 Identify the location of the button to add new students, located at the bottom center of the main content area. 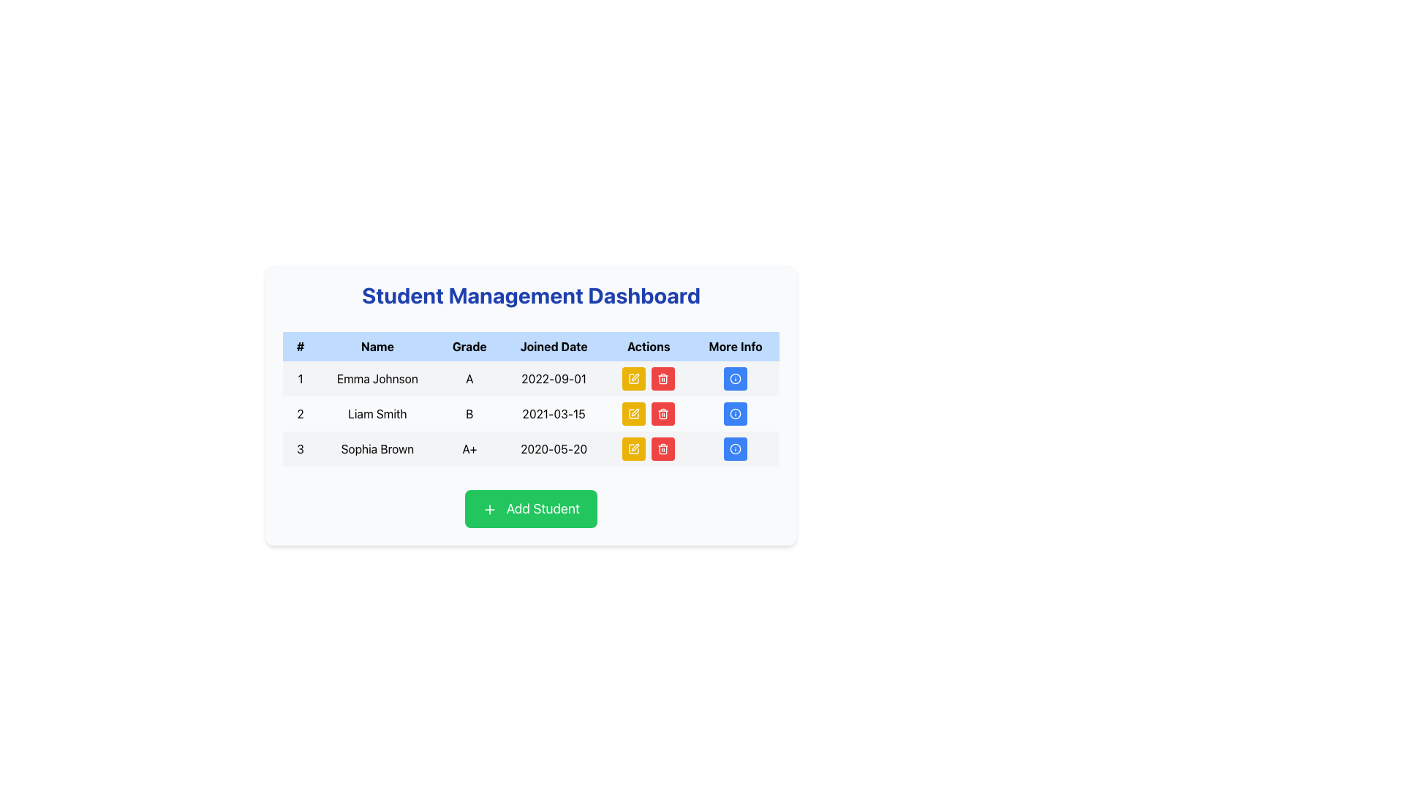
(530, 508).